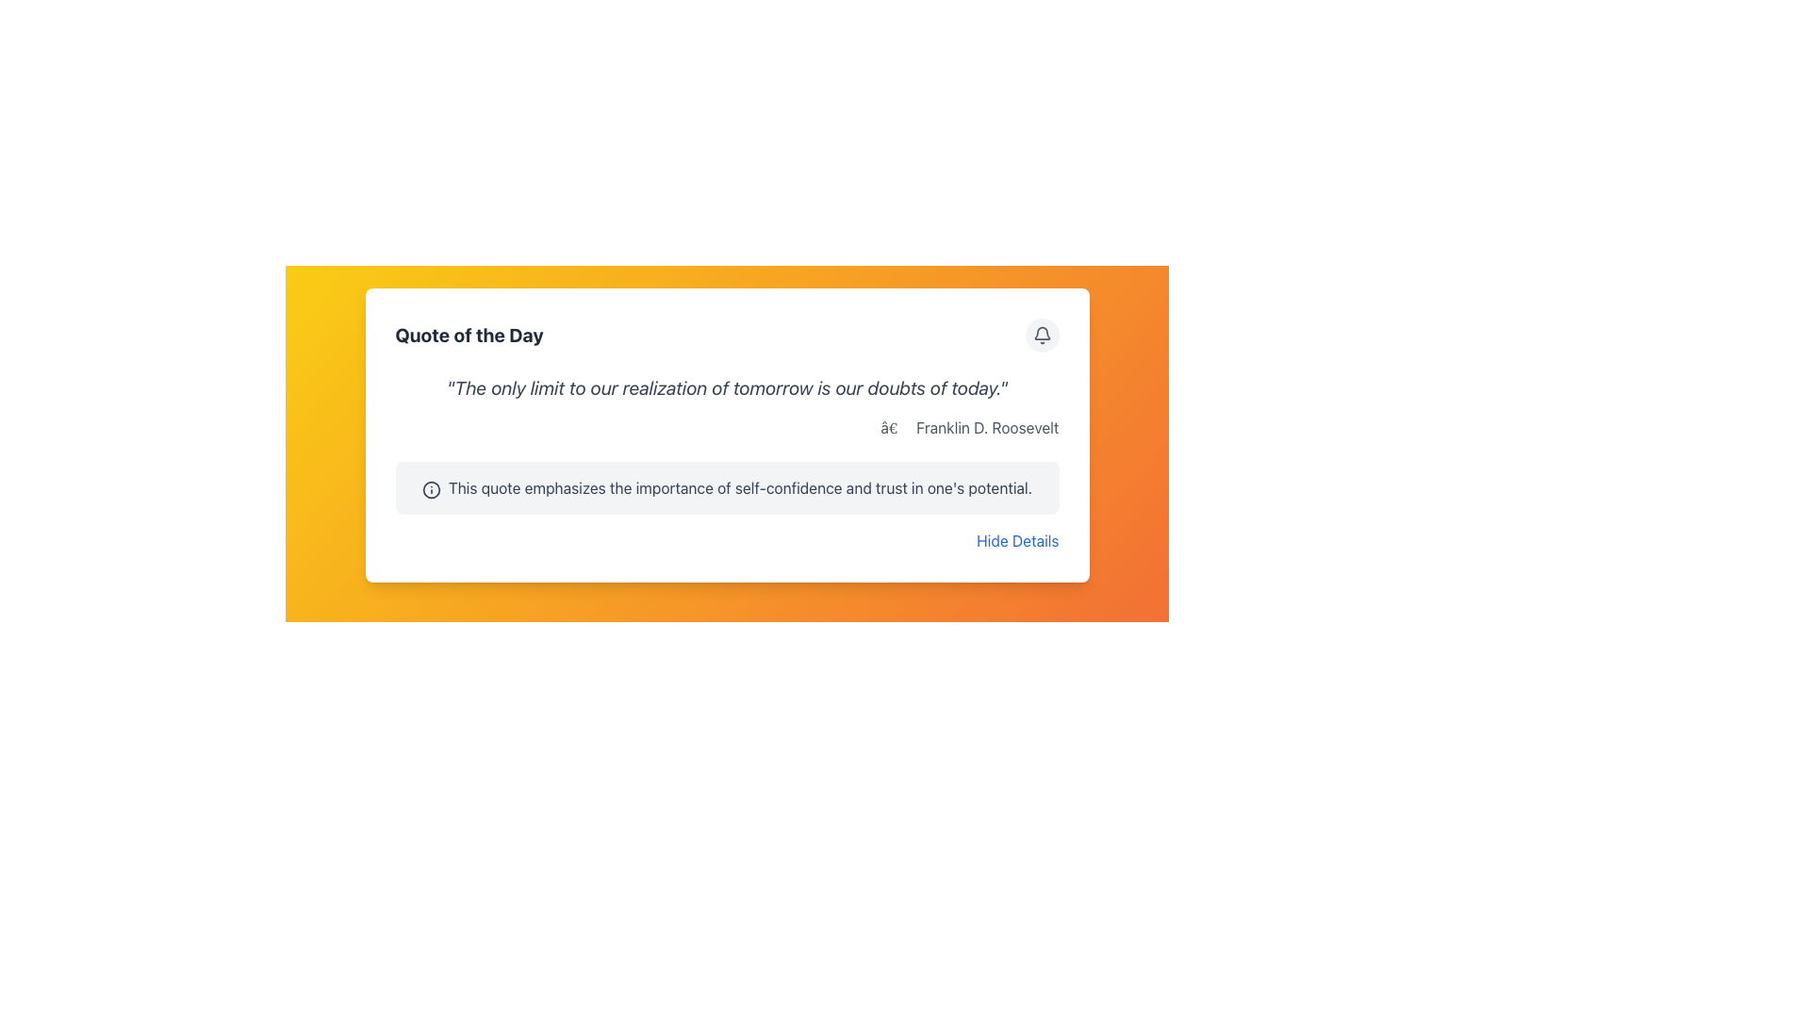 This screenshot has width=1810, height=1018. What do you see at coordinates (1016, 541) in the screenshot?
I see `the text link located at the bottom right corner of the card component` at bounding box center [1016, 541].